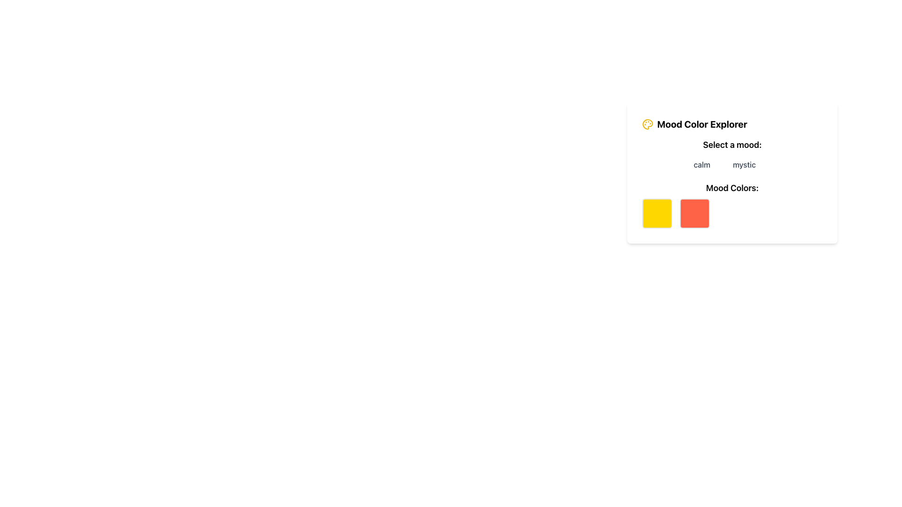  I want to click on the red-orange square-shaped color box with rounded corners located within the 'Mood Color Explorer' card, so click(694, 214).